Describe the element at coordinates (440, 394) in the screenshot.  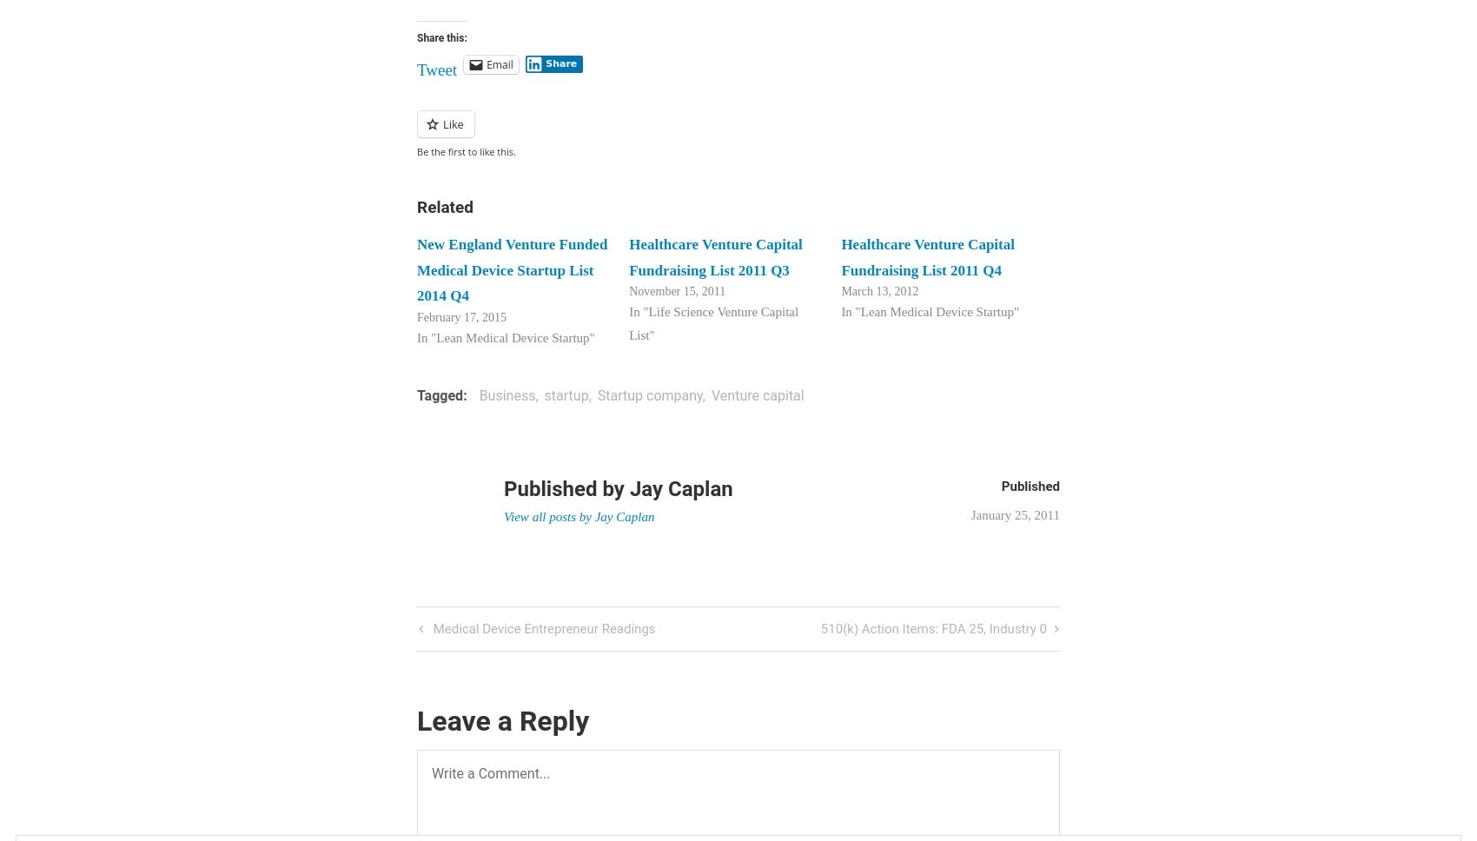
I see `'Tagged'` at that location.